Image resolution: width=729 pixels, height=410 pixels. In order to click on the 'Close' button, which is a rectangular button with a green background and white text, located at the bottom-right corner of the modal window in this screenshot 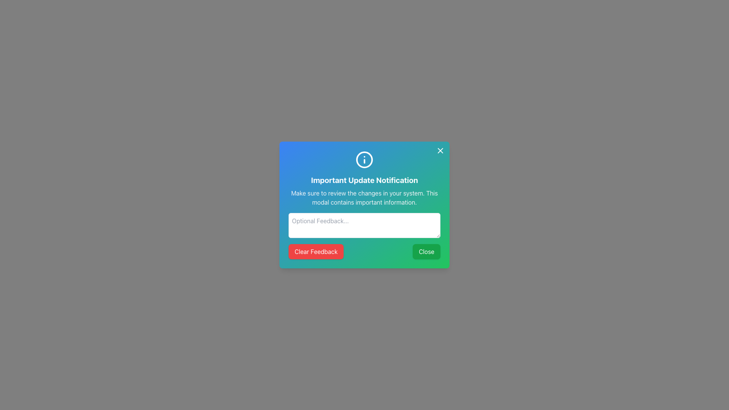, I will do `click(426, 252)`.